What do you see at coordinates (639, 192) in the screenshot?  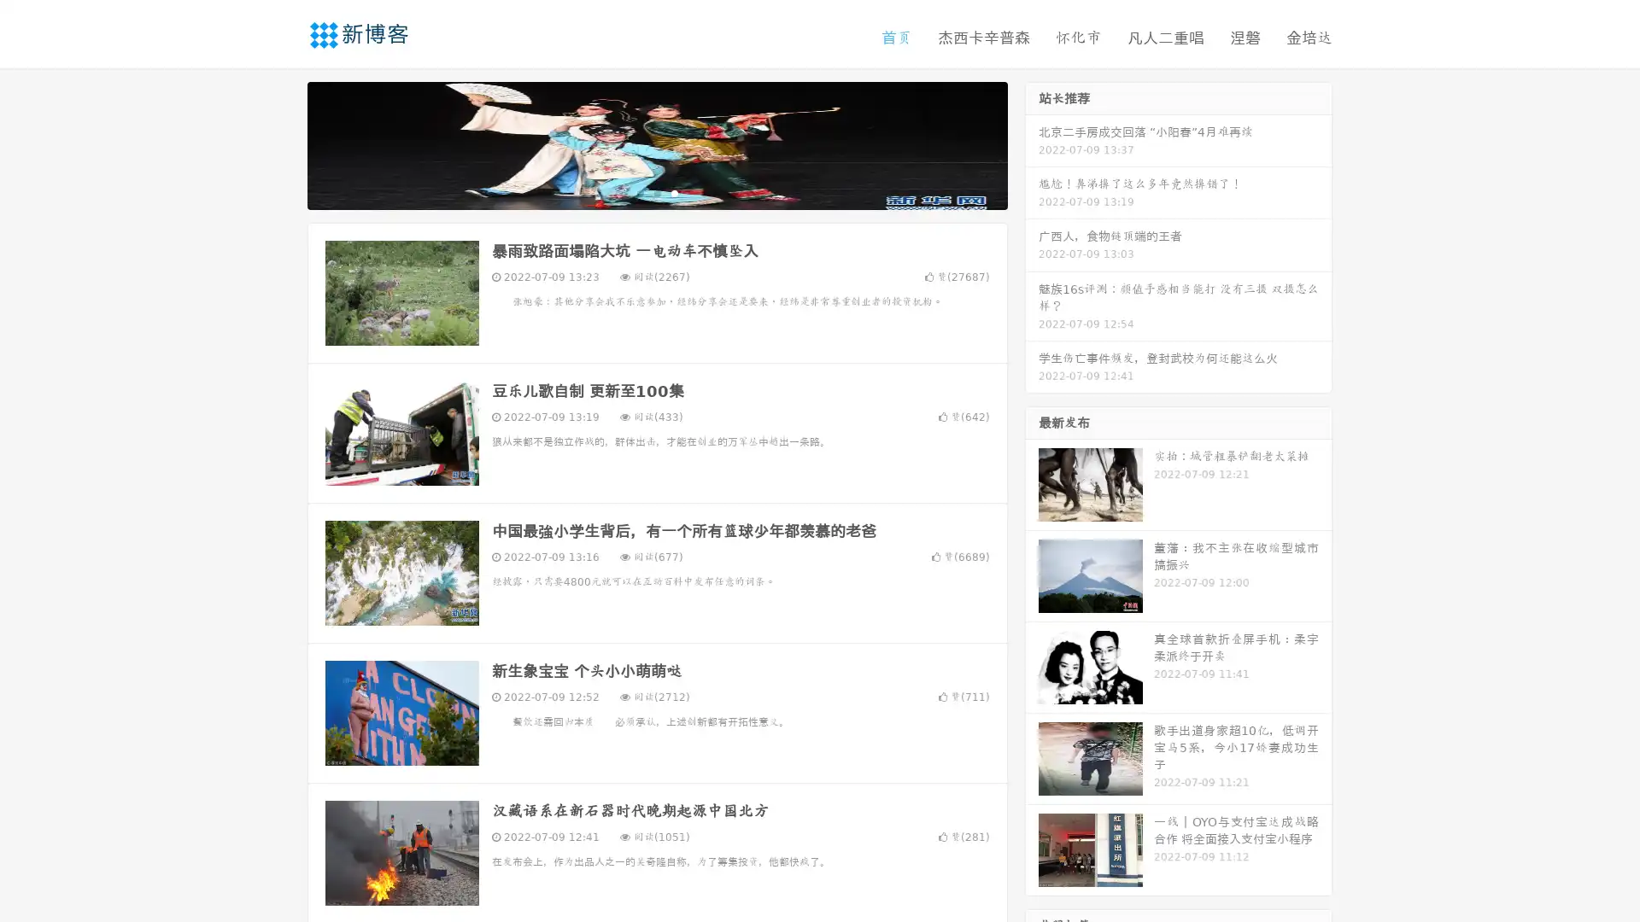 I see `Go to slide 1` at bounding box center [639, 192].